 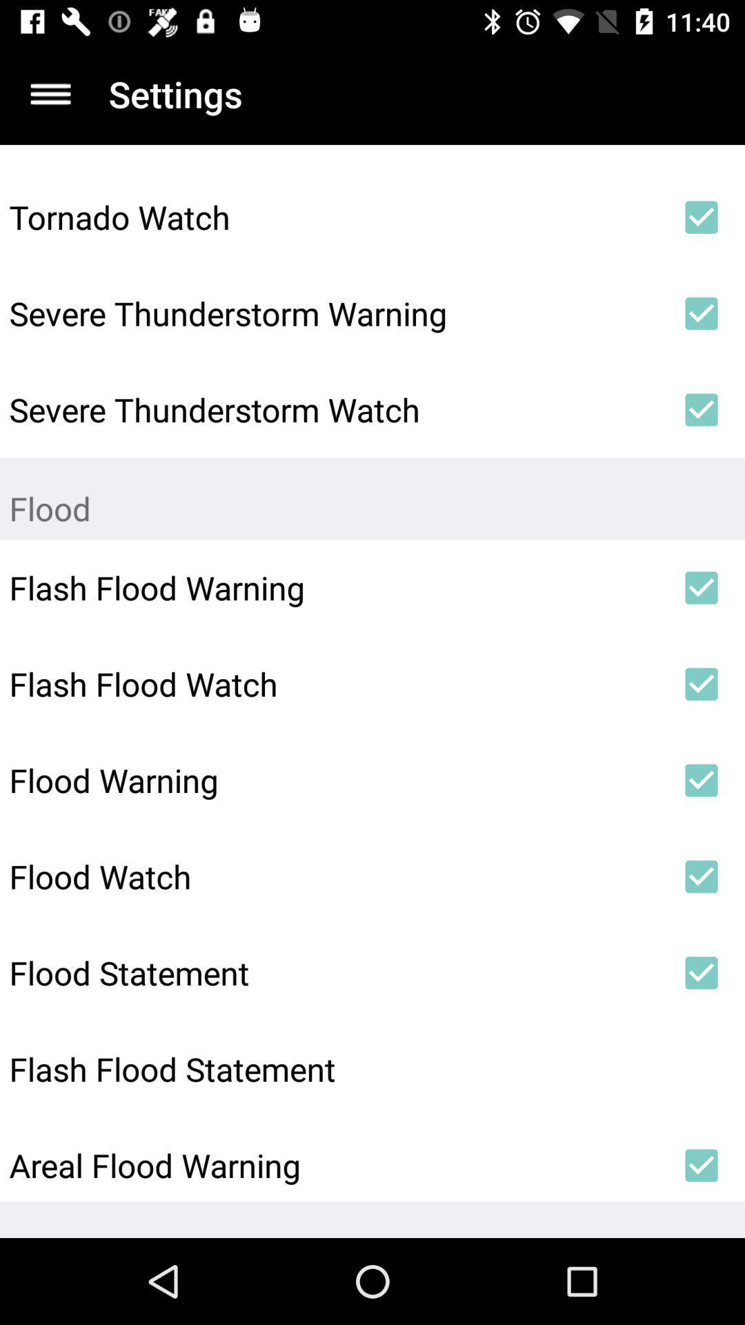 I want to click on item next to severe thunderstorm warning, so click(x=702, y=313).